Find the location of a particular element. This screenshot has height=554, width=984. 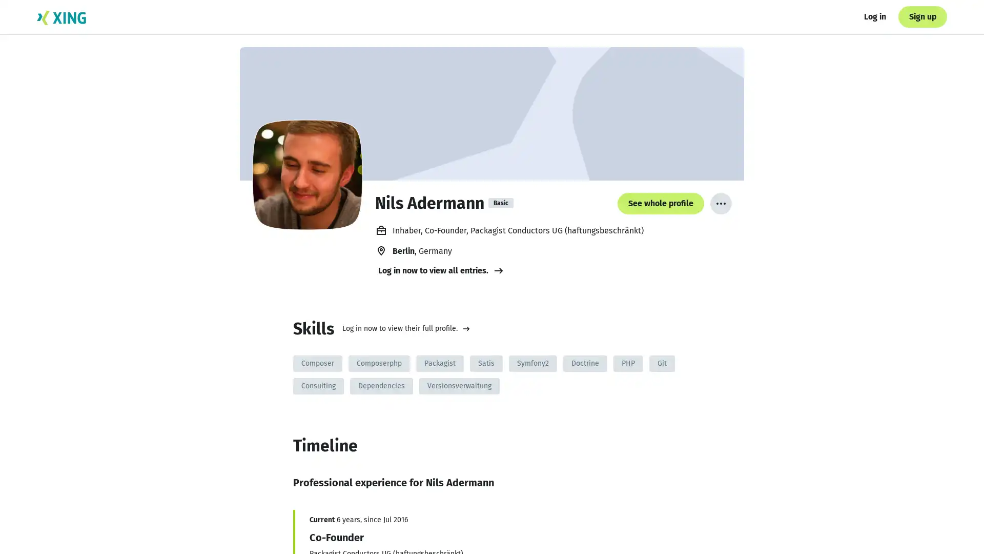

Nils Adermann is located at coordinates (307, 174).